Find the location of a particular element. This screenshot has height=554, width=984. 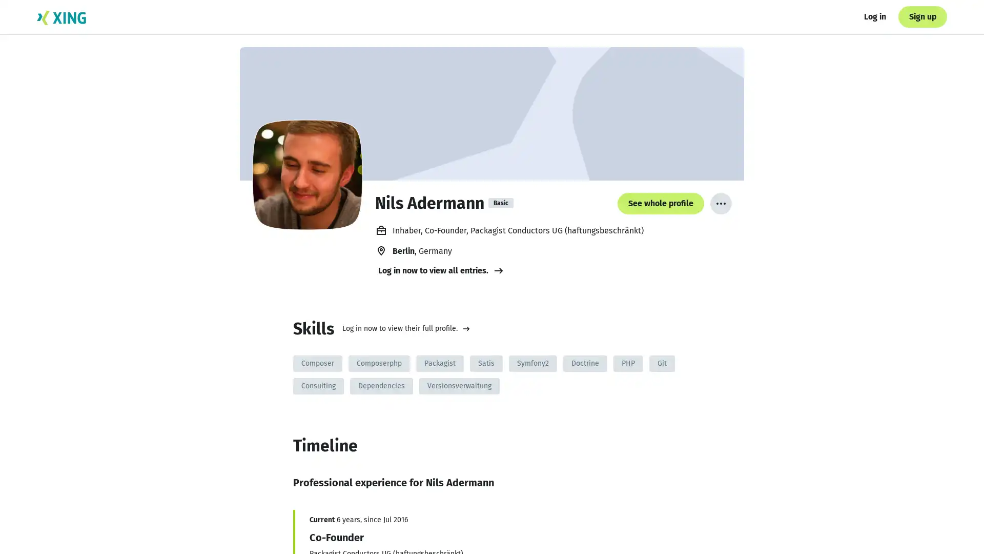

Nils Adermann is located at coordinates (307, 174).